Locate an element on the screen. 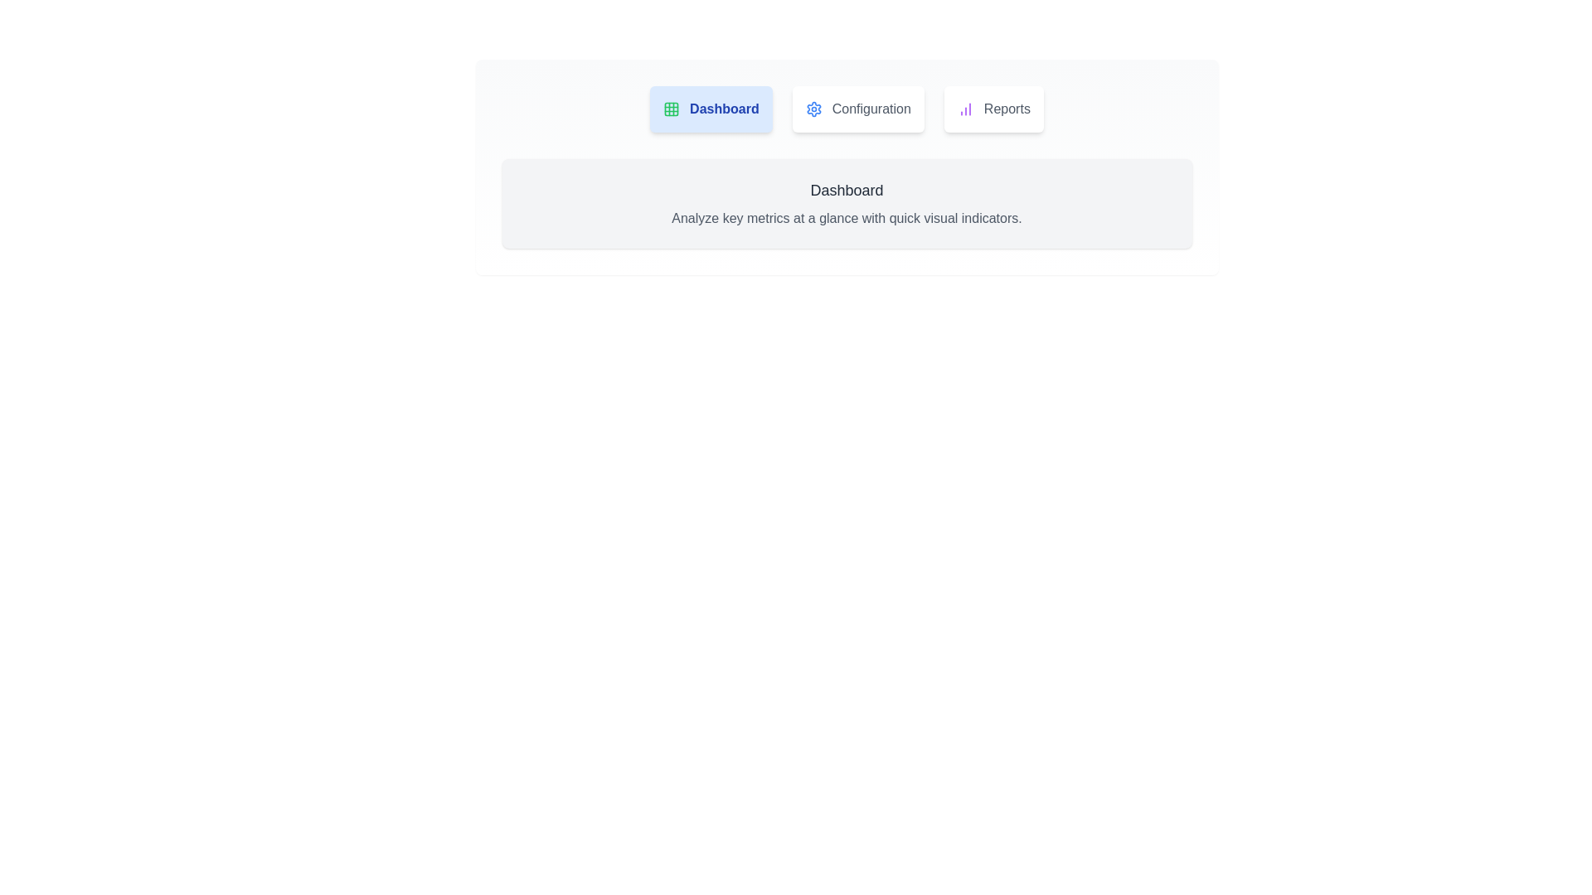 Image resolution: width=1592 pixels, height=895 pixels. the Dashboard tab to switch to its content is located at coordinates (711, 109).